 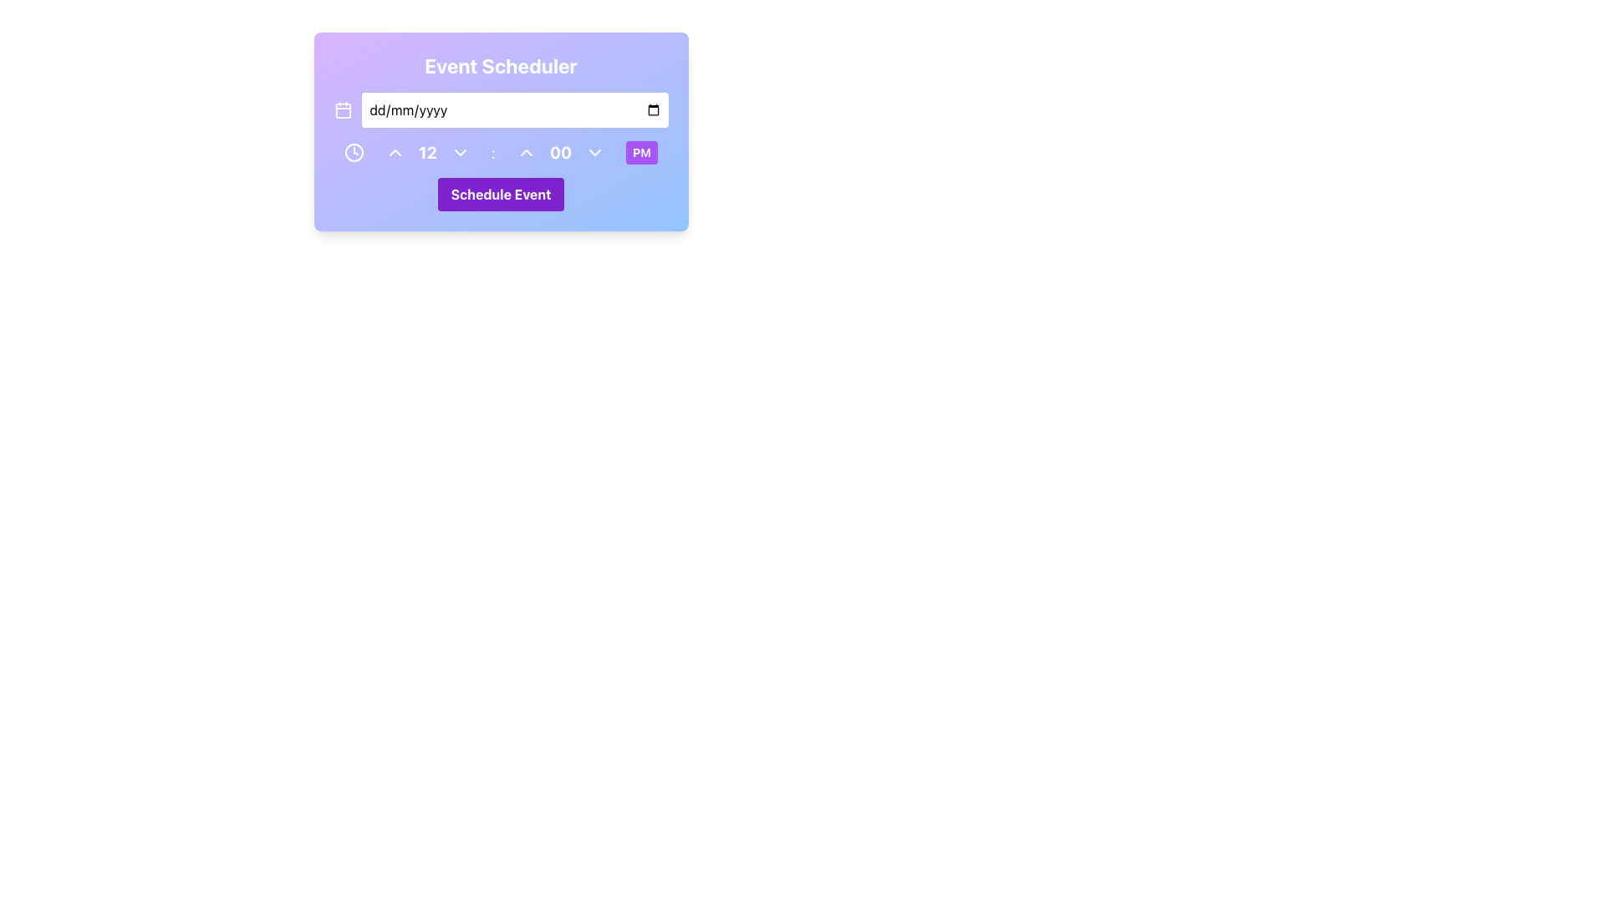 What do you see at coordinates (500, 193) in the screenshot?
I see `the confirm/schedule button located at the bottom-center of the 'Event Scheduler' box` at bounding box center [500, 193].